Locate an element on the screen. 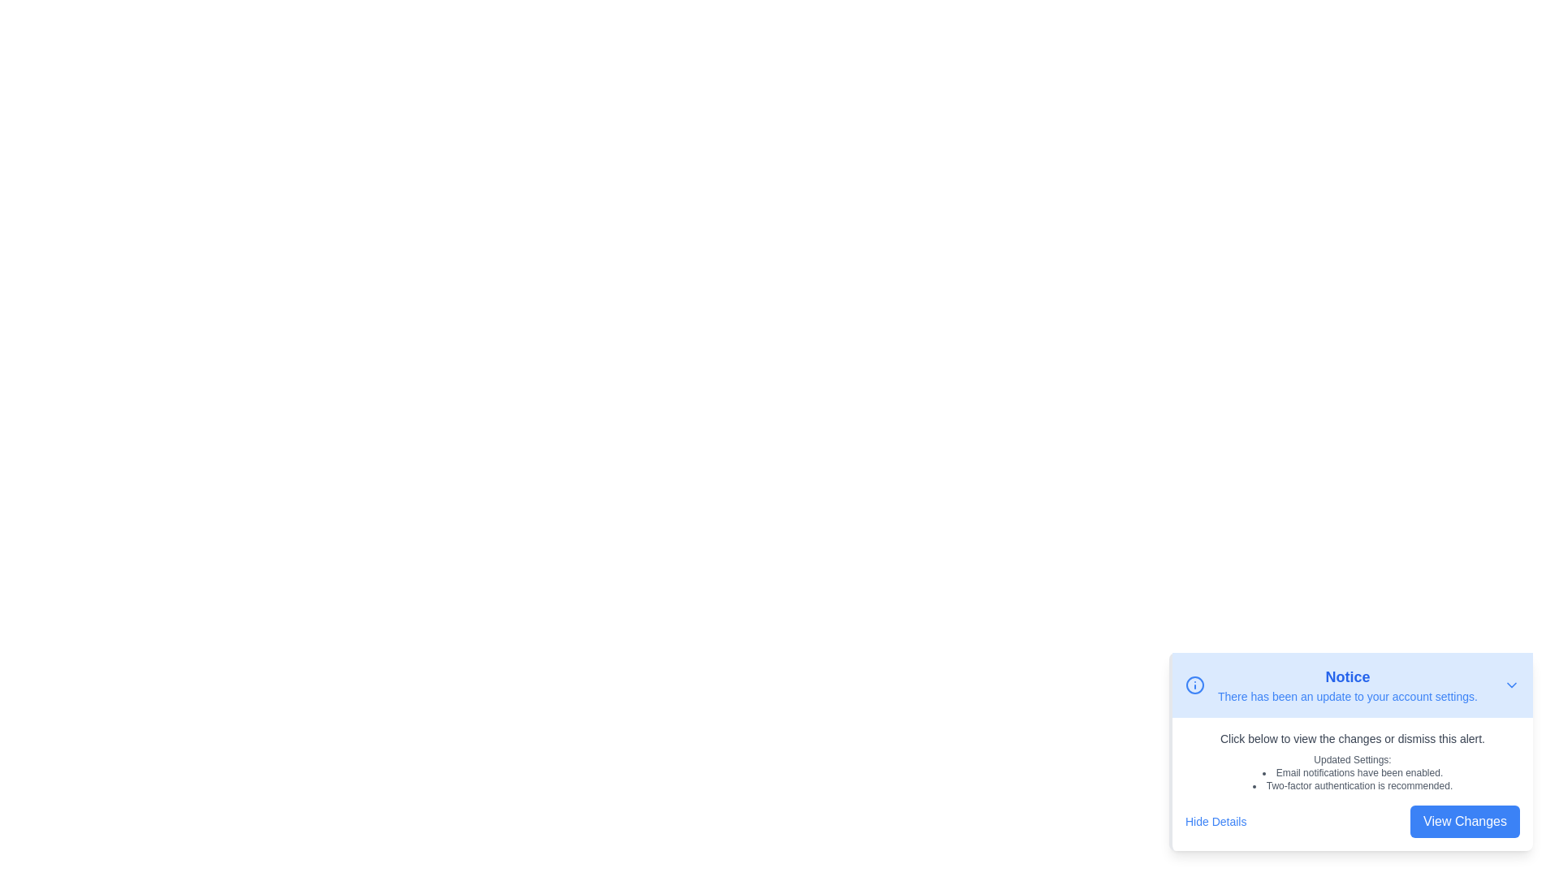 The height and width of the screenshot is (877, 1559). the informational alert icon located in the blue-highlighted header area of the notice message box, which is positioned to the left of the bolded 'Notice' text header is located at coordinates (1195, 685).